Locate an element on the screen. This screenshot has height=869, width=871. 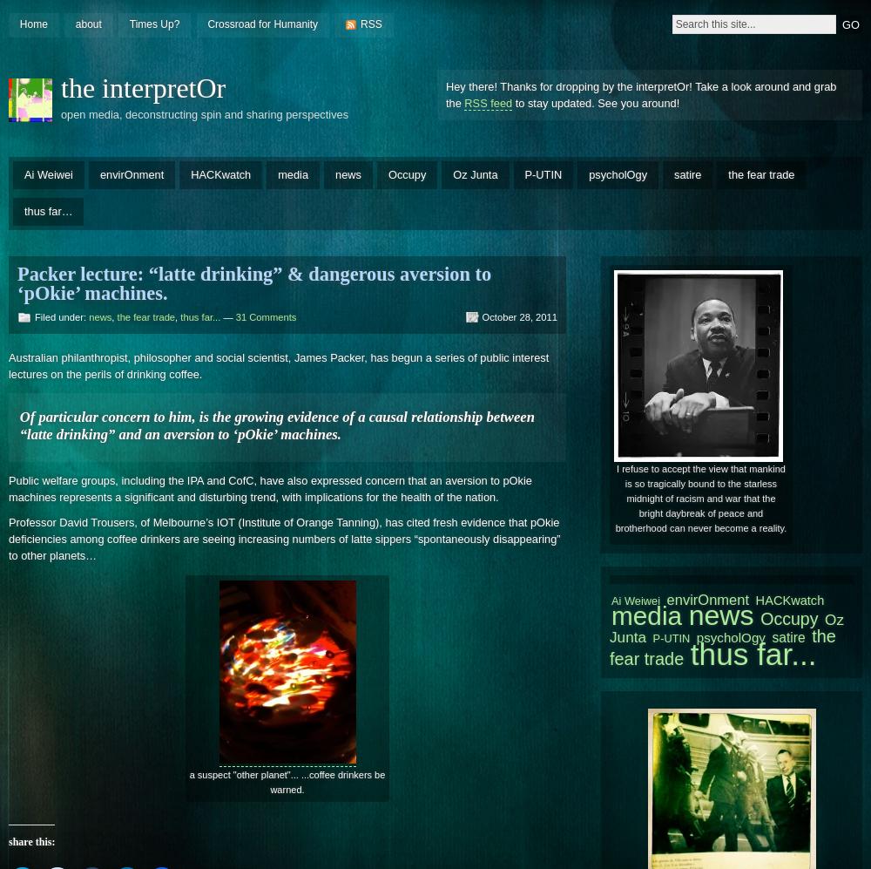
'RSS feed' is located at coordinates (488, 102).